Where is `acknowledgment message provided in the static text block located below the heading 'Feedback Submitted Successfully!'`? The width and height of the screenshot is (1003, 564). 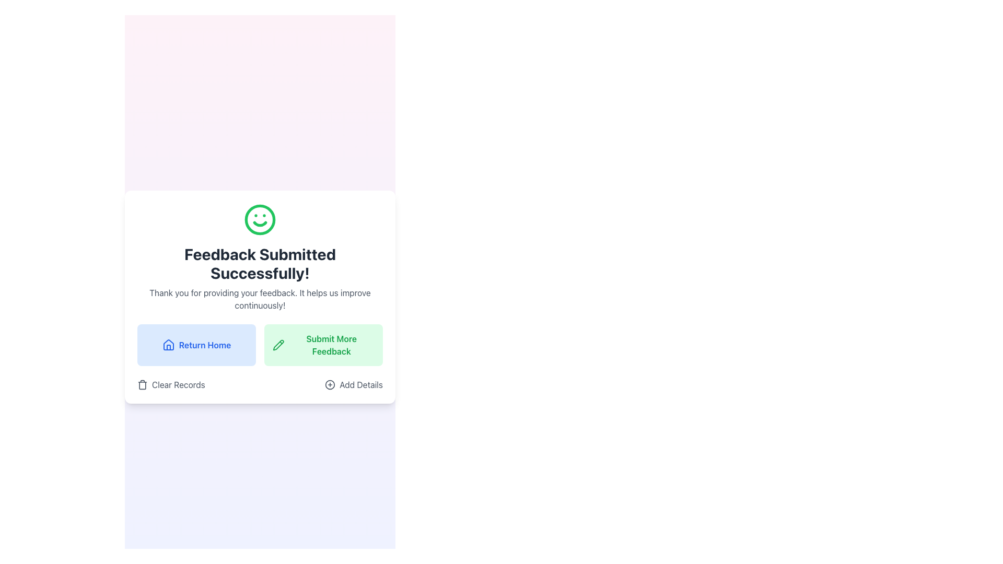
acknowledgment message provided in the static text block located below the heading 'Feedback Submitted Successfully!' is located at coordinates (260, 299).